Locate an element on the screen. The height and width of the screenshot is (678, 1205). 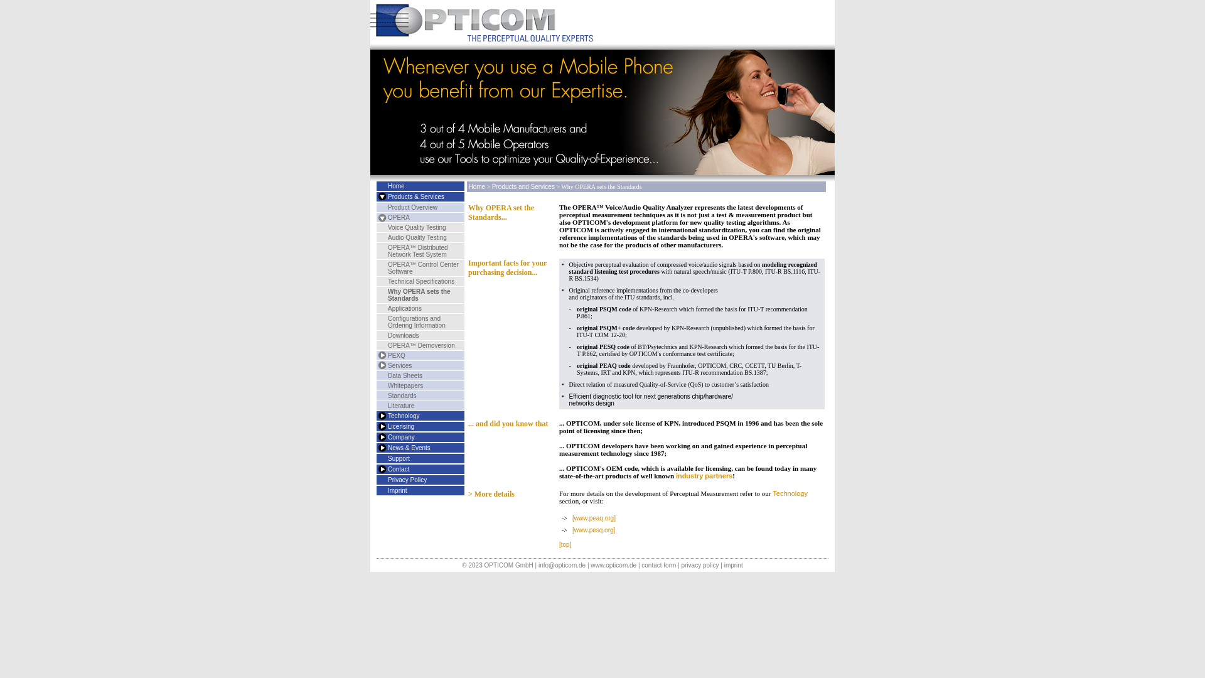
'Licensing' is located at coordinates (400, 426).